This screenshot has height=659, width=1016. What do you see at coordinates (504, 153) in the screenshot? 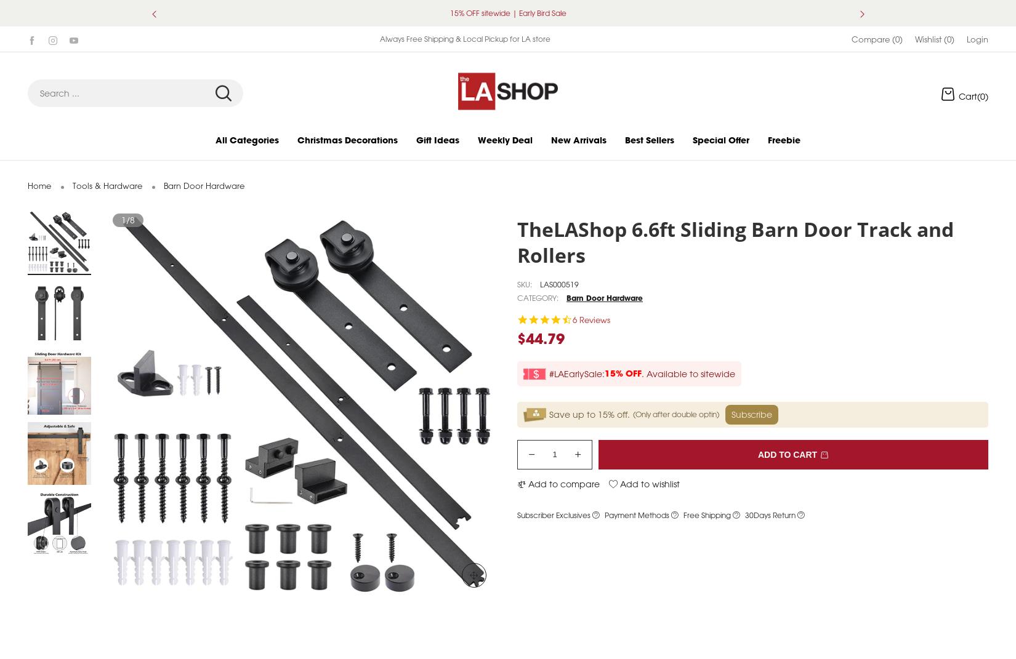
I see `'Weekly Deal'` at bounding box center [504, 153].